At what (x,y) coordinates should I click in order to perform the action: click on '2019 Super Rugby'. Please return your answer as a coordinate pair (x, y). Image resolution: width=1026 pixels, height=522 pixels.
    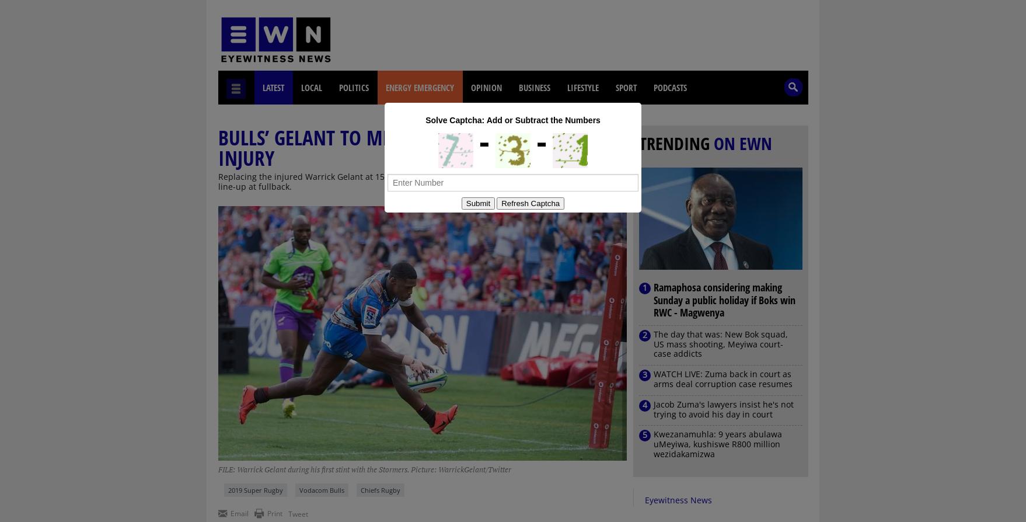
    Looking at the image, I should click on (255, 489).